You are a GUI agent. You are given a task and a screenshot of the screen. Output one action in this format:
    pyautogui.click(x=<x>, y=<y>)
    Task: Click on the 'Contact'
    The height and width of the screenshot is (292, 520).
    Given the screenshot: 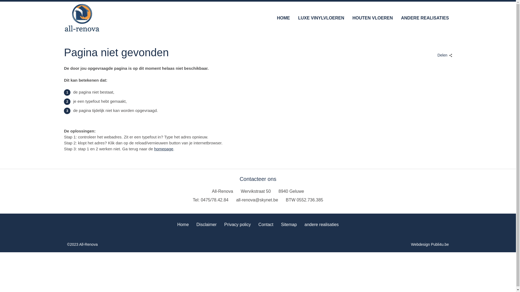 What is the action you would take?
    pyautogui.click(x=266, y=224)
    